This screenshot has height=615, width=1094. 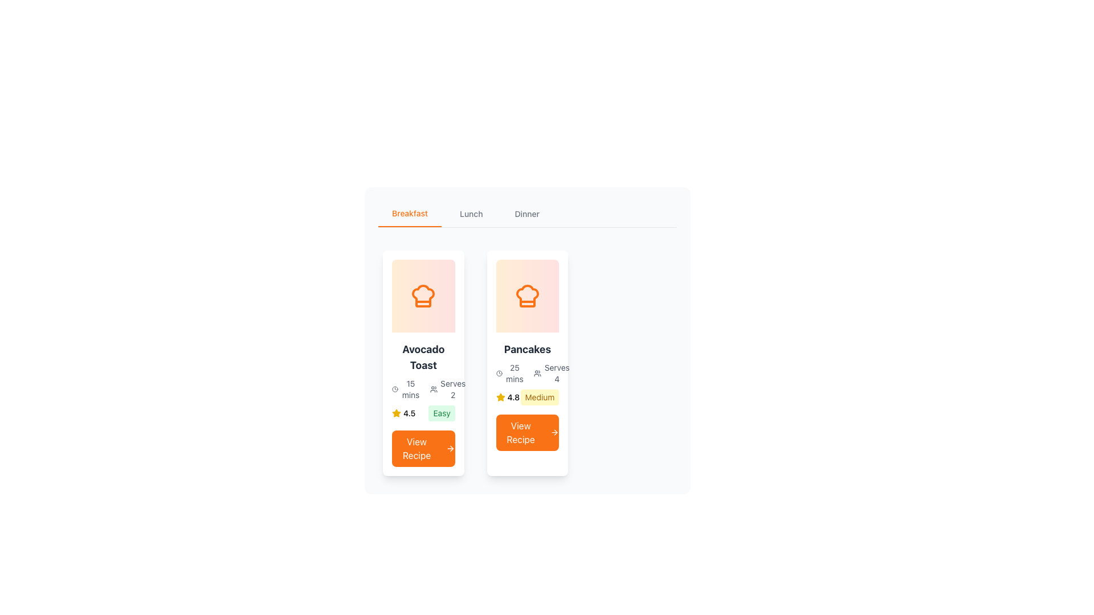 I want to click on the recipe title text label, so click(x=527, y=348).